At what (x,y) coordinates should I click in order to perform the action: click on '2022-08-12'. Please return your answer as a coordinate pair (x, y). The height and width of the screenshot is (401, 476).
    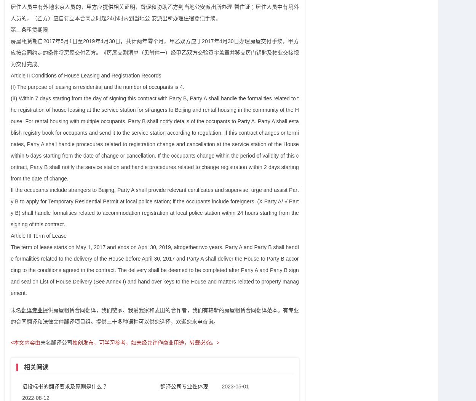
    Looking at the image, I should click on (22, 397).